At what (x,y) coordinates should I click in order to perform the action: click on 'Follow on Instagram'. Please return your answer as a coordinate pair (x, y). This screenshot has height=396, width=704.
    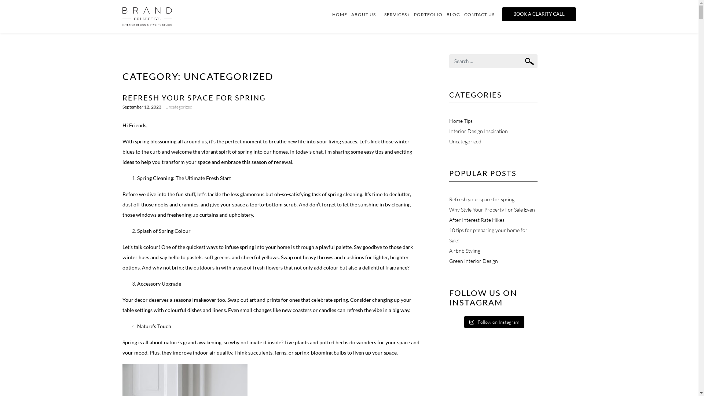
    Looking at the image, I should click on (494, 322).